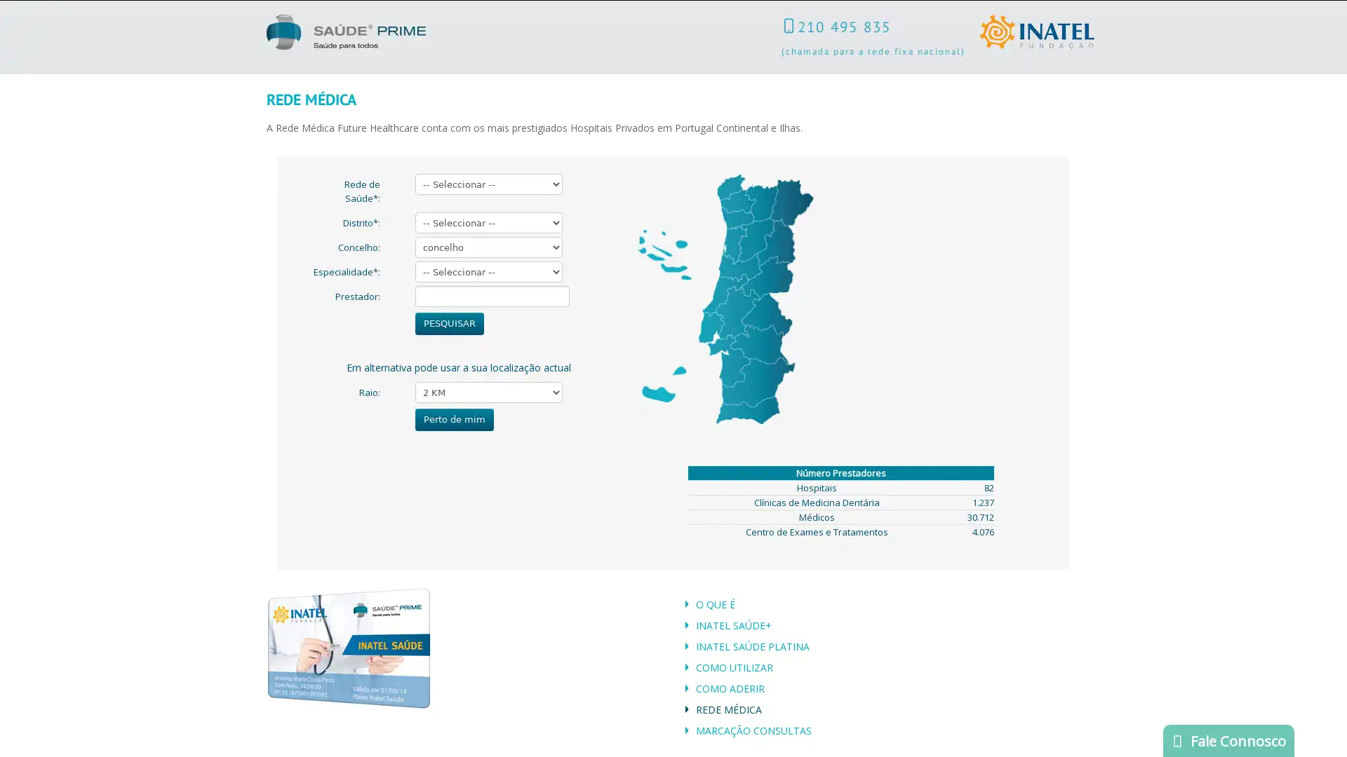 This screenshot has width=1347, height=757. Describe the element at coordinates (450, 324) in the screenshot. I see `PESQUISAR` at that location.